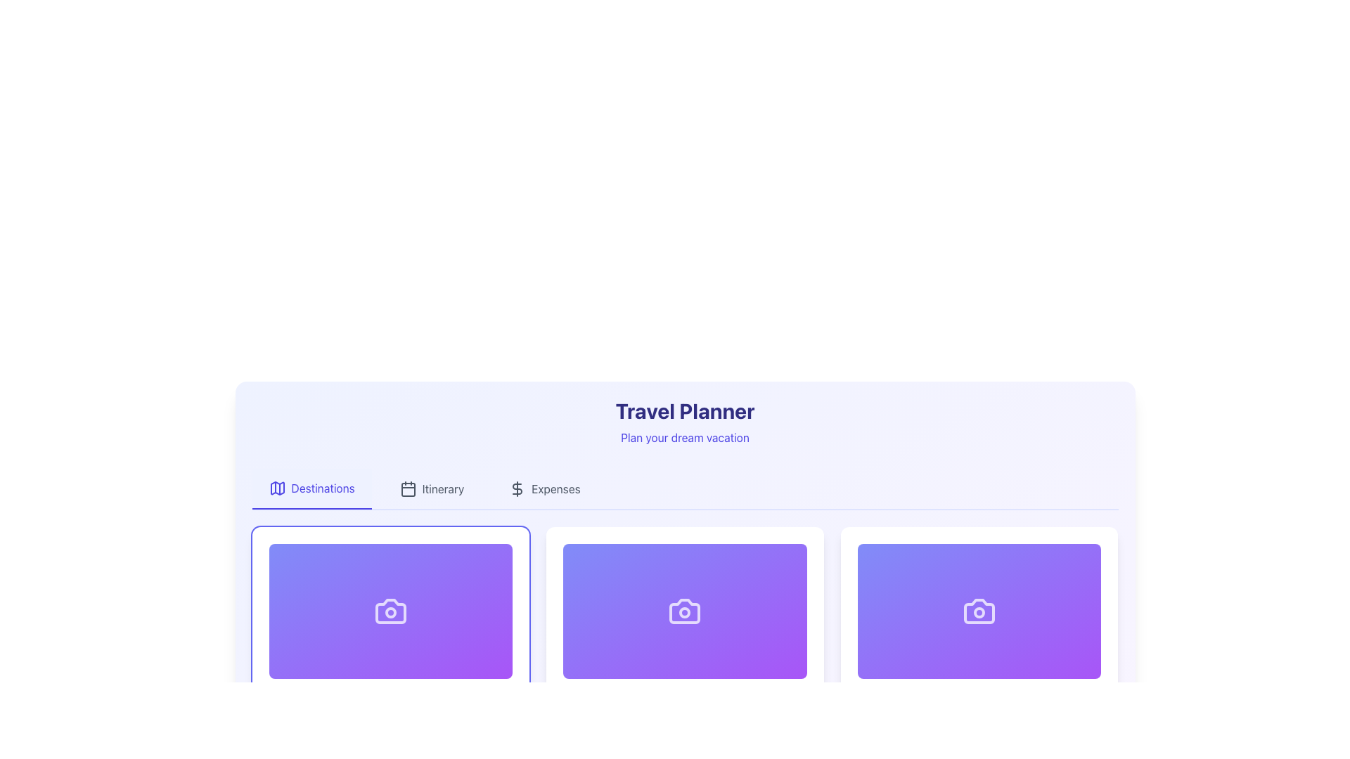 The width and height of the screenshot is (1350, 759). What do you see at coordinates (685, 422) in the screenshot?
I see `the Text block that presents the title and description of the page, located above the tab navigation bar labeled 'Destinations', 'Itinerary', and 'Expenses'` at bounding box center [685, 422].